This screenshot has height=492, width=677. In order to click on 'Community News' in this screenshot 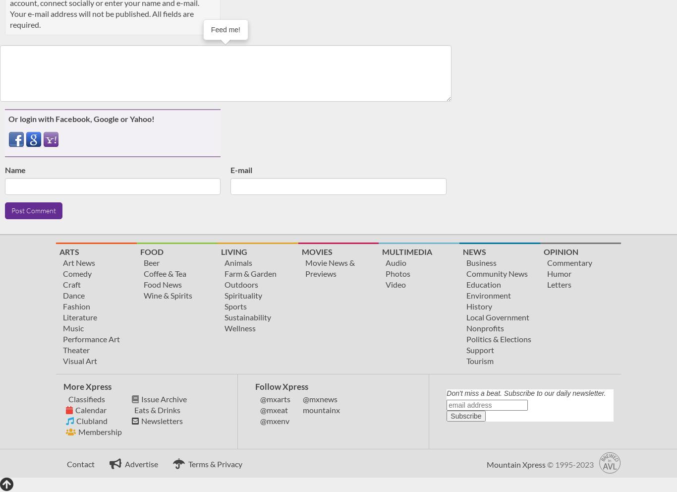, I will do `click(497, 273)`.